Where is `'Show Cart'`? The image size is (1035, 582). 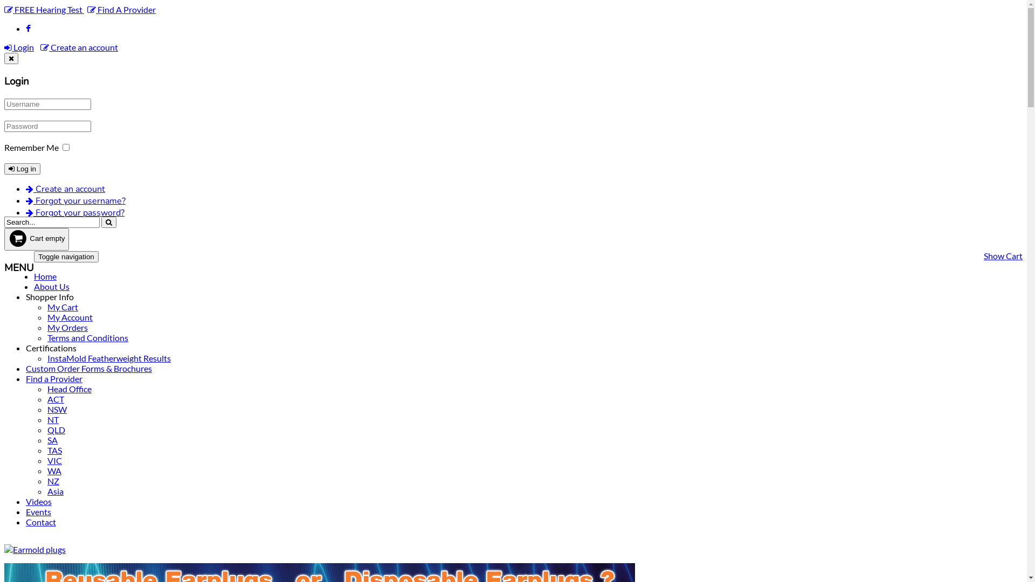 'Show Cart' is located at coordinates (1003, 255).